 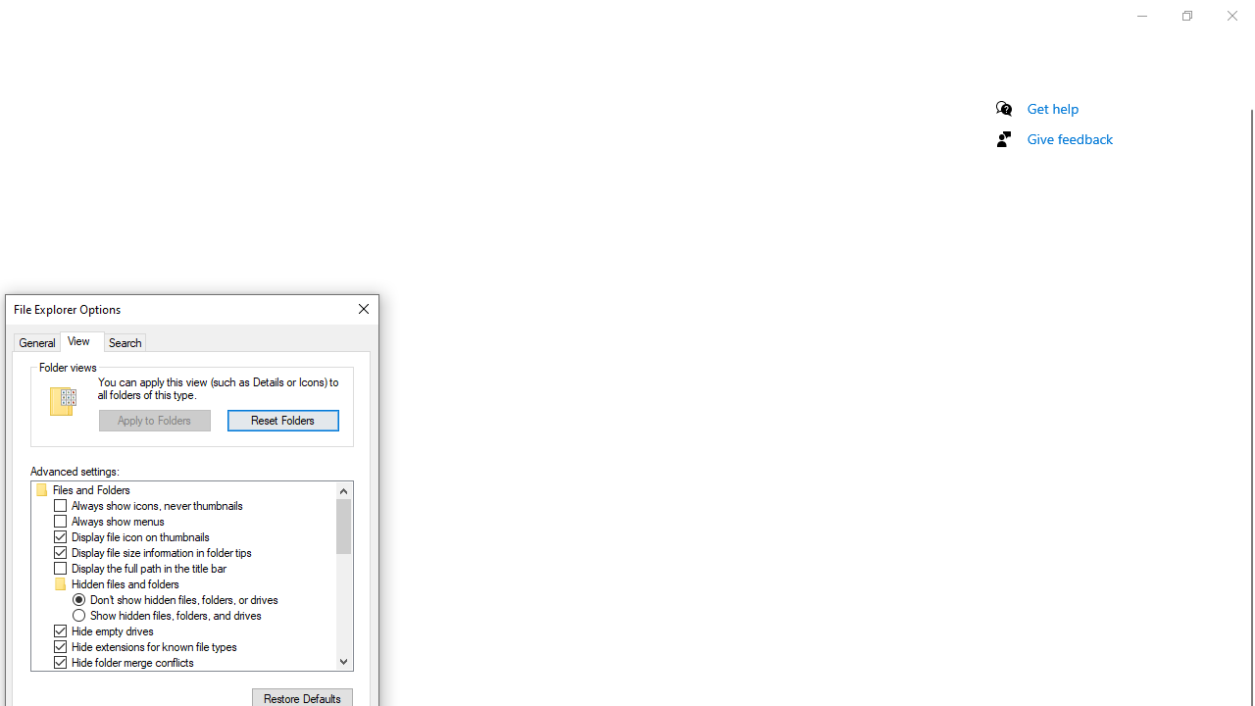 What do you see at coordinates (183, 599) in the screenshot?
I see `'Don'` at bounding box center [183, 599].